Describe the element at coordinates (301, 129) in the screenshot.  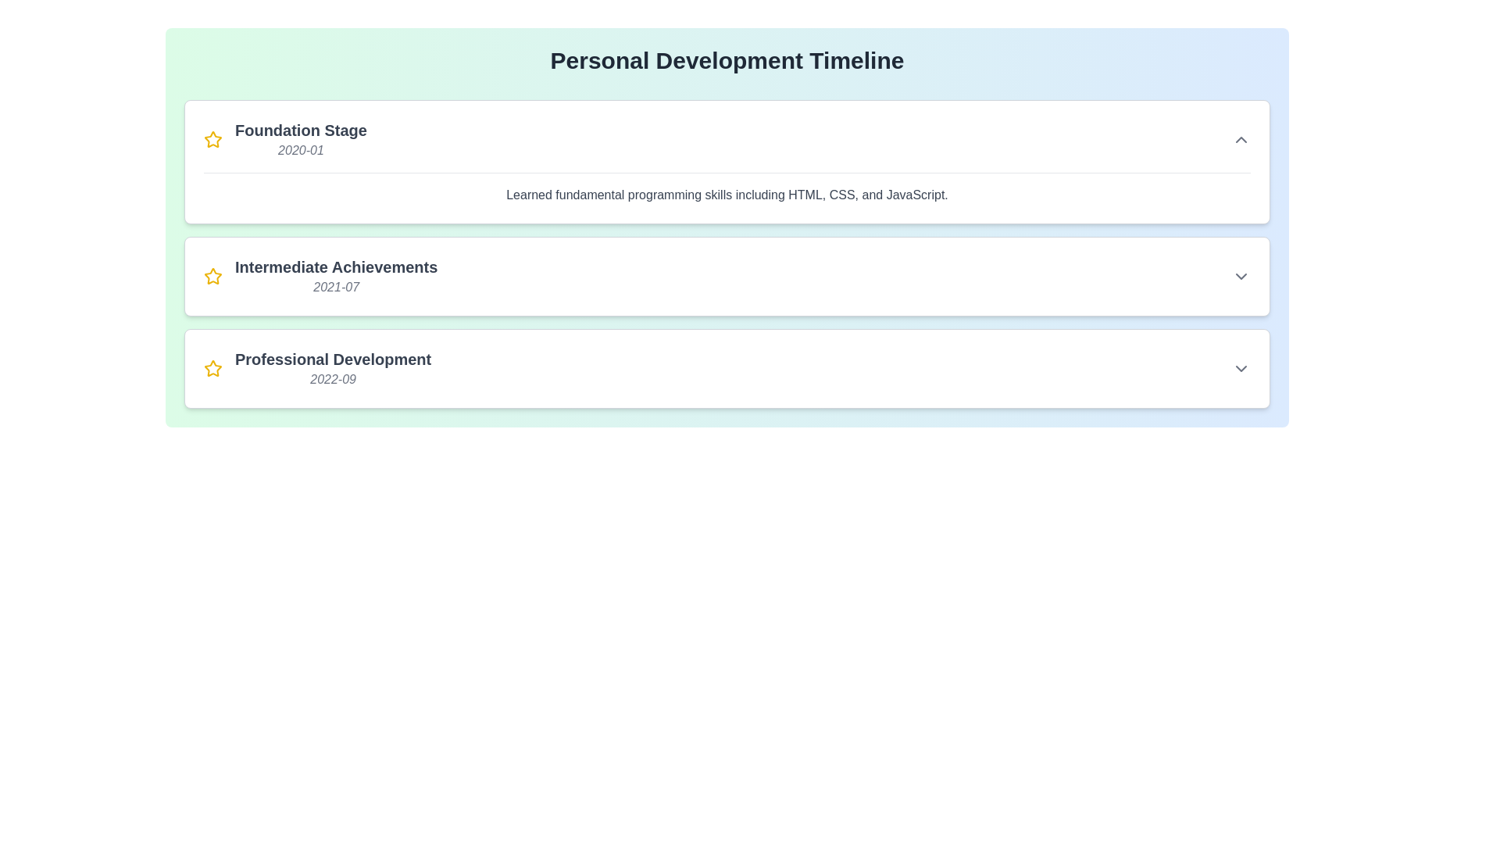
I see `the text label reading 'Foundation Stage' which is positioned at the top of the 'Foundation Stage 2020-01' section in a bold font style and dark gray color` at that location.